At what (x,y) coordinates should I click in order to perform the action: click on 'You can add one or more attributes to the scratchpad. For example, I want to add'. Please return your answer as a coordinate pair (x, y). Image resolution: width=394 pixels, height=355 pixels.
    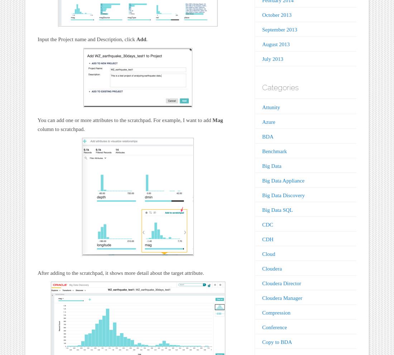
    Looking at the image, I should click on (125, 120).